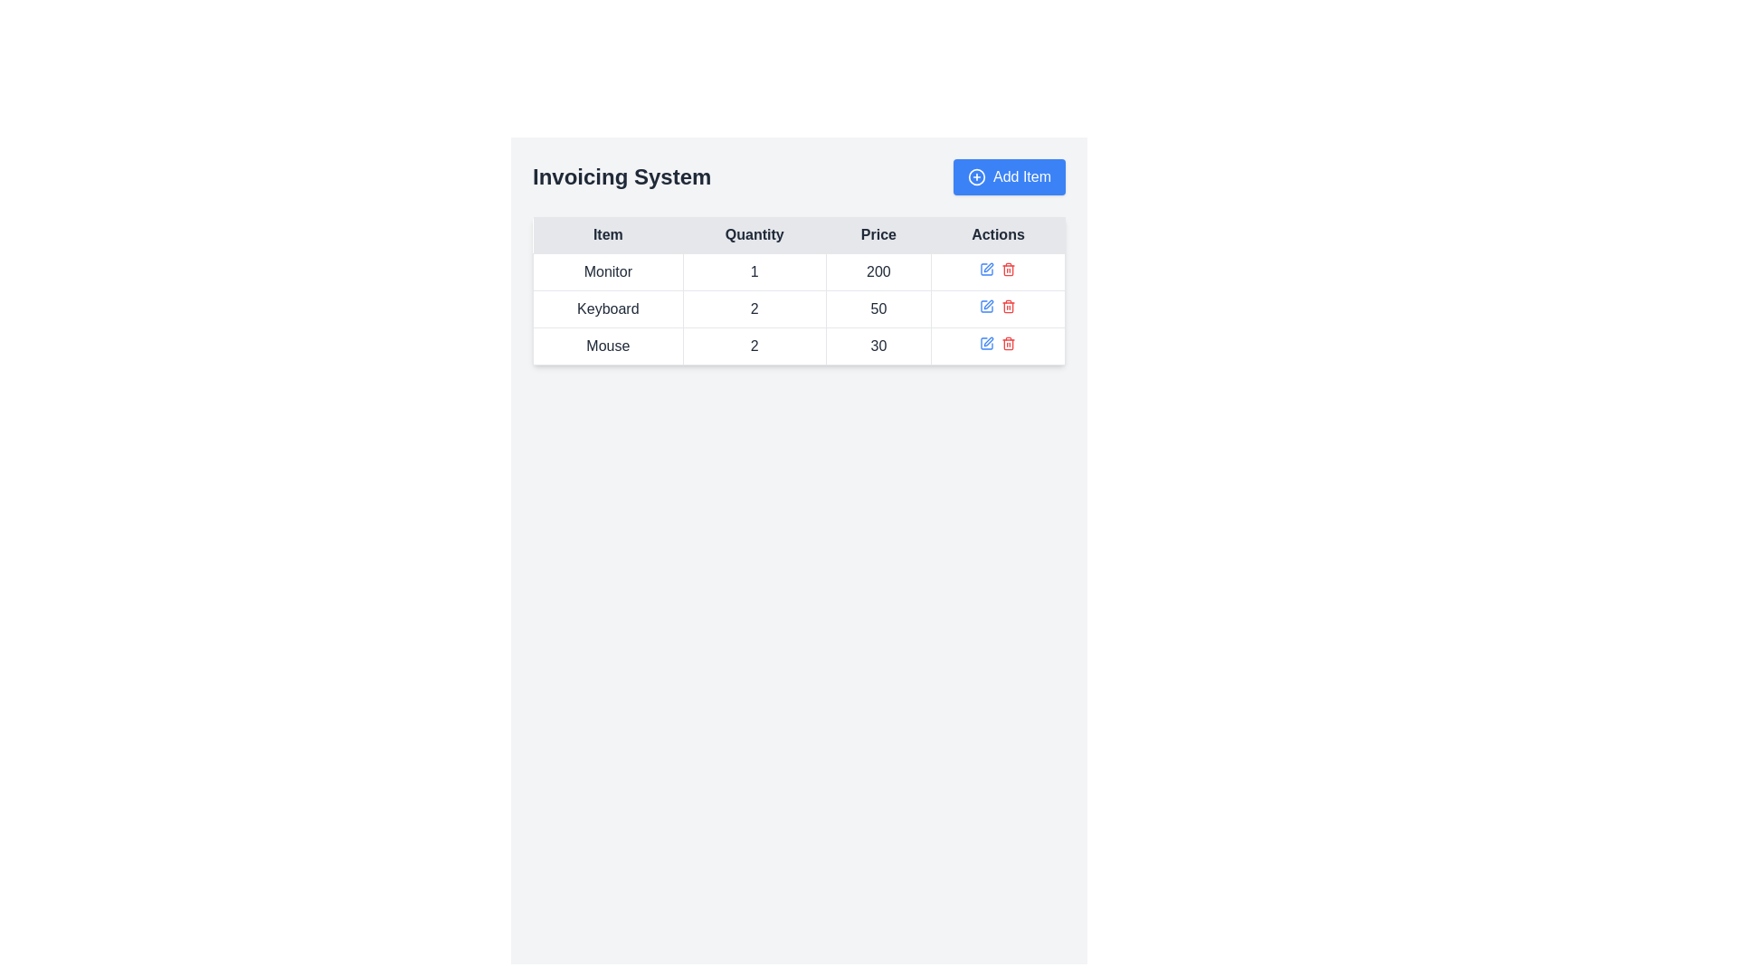 The height and width of the screenshot is (977, 1737). I want to click on the 'Edit' icon button located in the second column of the 'Actions' section of the second row in the table, so click(988, 268).